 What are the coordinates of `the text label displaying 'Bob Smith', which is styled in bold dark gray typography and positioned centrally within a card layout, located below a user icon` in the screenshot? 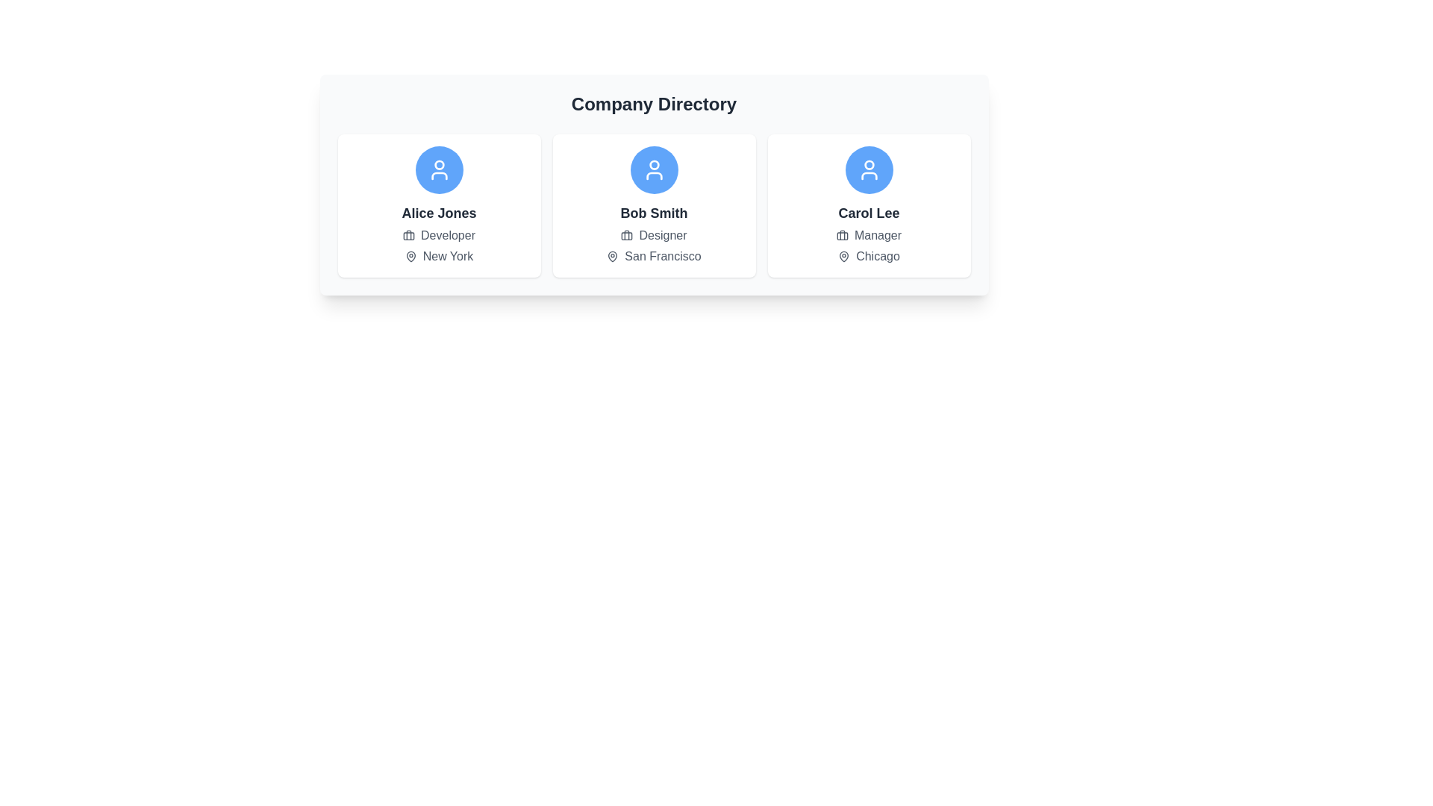 It's located at (654, 213).